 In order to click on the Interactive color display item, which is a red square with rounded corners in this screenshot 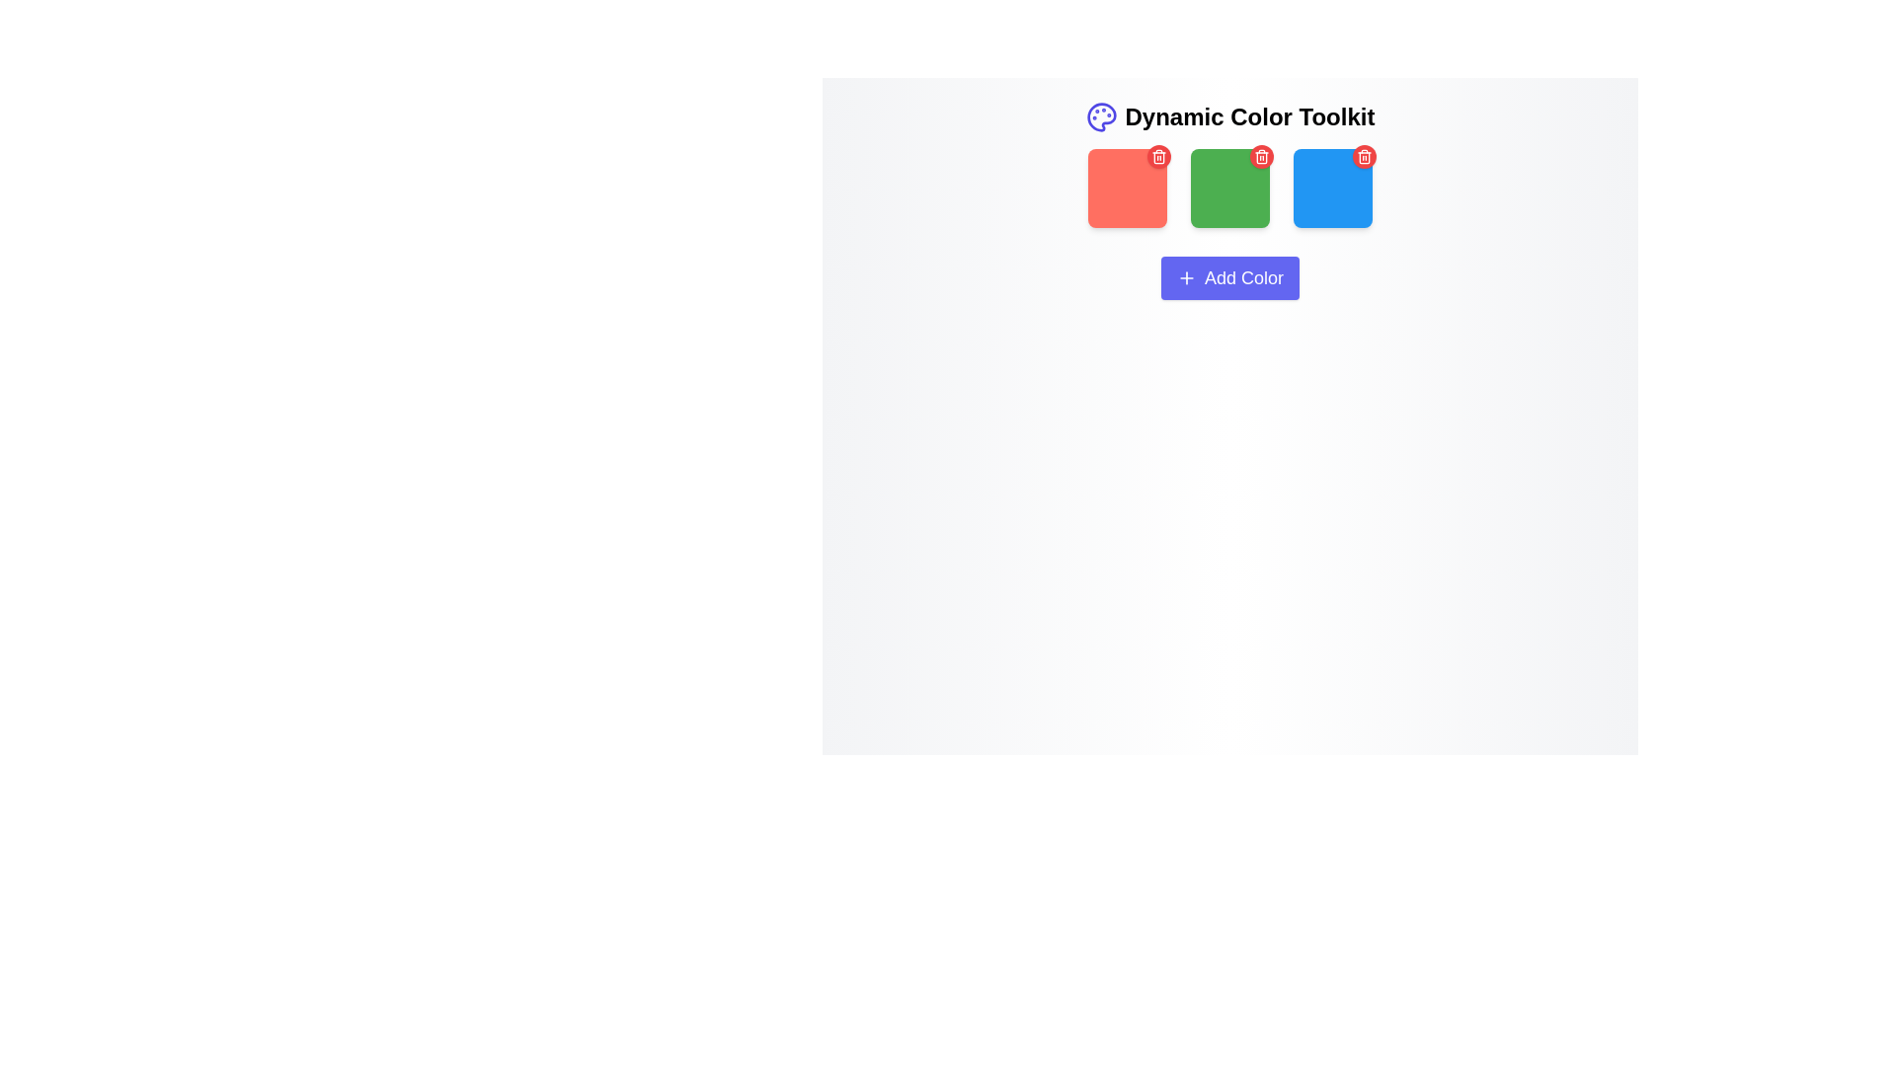, I will do `click(1128, 190)`.